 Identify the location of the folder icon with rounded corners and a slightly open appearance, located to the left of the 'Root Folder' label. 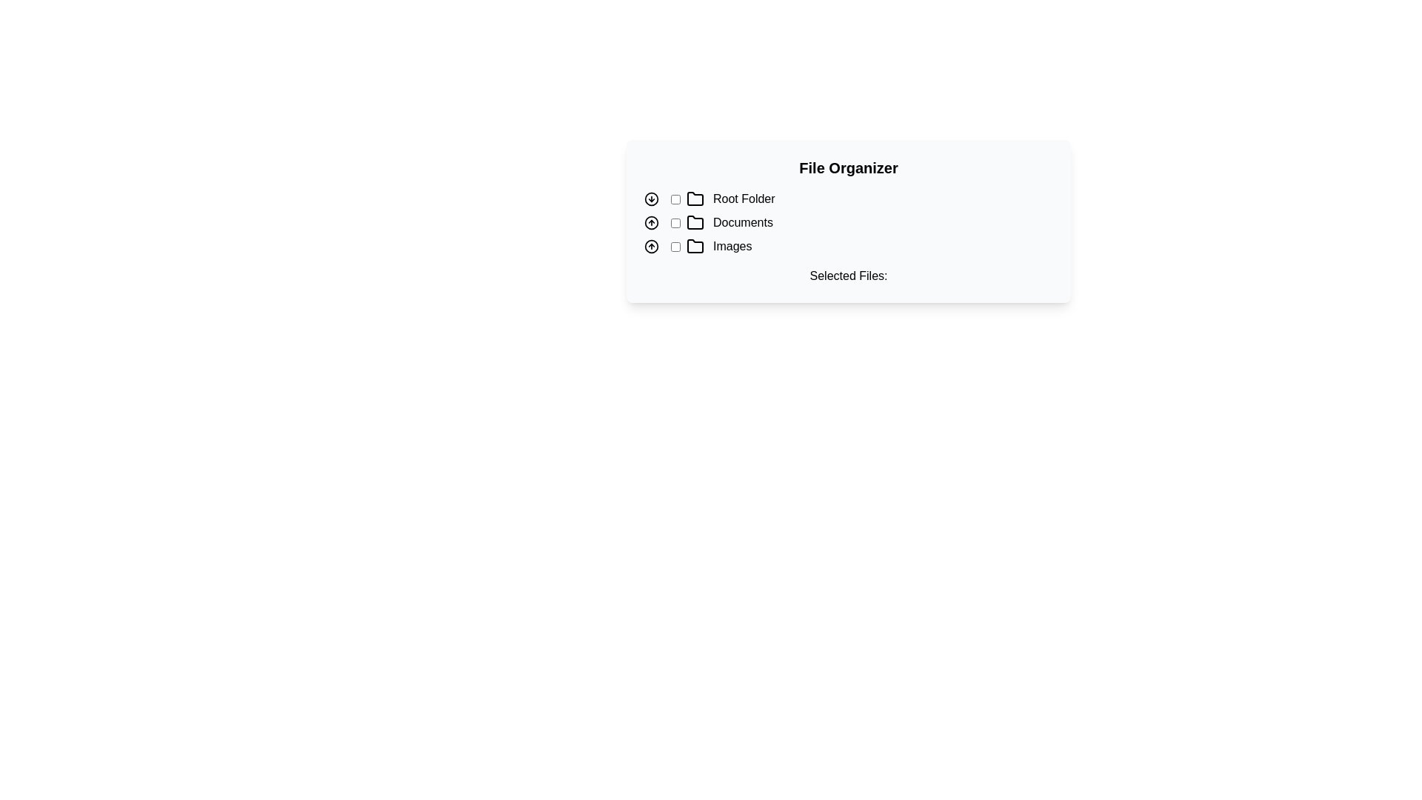
(695, 197).